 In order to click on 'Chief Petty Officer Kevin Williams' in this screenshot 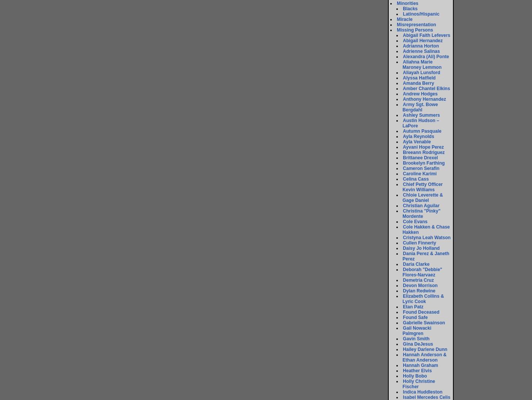, I will do `click(423, 187)`.